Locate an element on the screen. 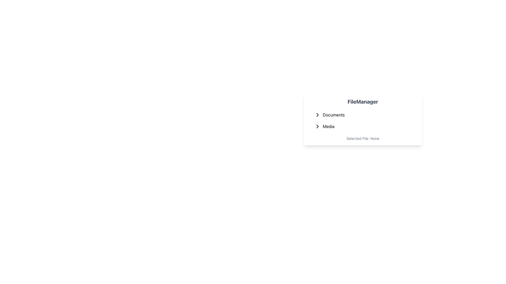 Image resolution: width=506 pixels, height=284 pixels. the Text Label that represents the media contents category in the FileManager section is located at coordinates (328, 126).